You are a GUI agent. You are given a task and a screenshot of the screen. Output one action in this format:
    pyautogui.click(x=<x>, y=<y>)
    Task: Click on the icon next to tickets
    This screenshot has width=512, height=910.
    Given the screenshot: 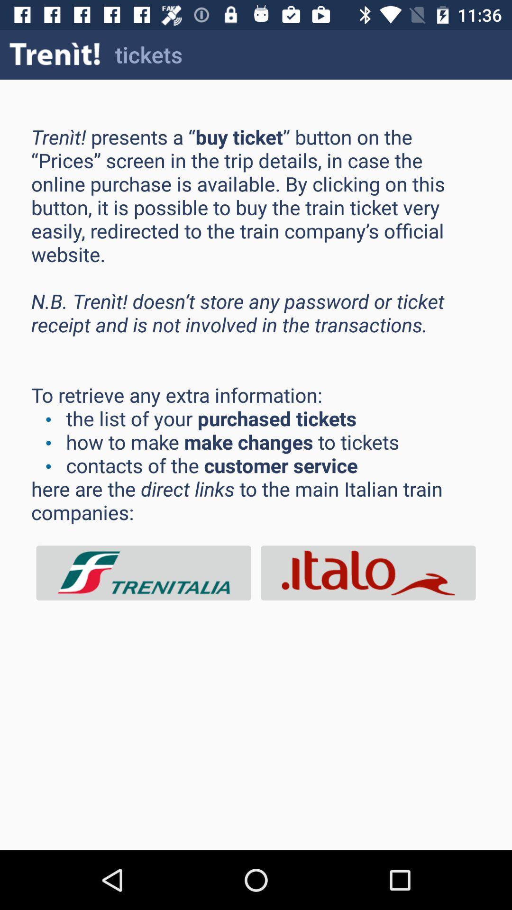 What is the action you would take?
    pyautogui.click(x=55, y=54)
    